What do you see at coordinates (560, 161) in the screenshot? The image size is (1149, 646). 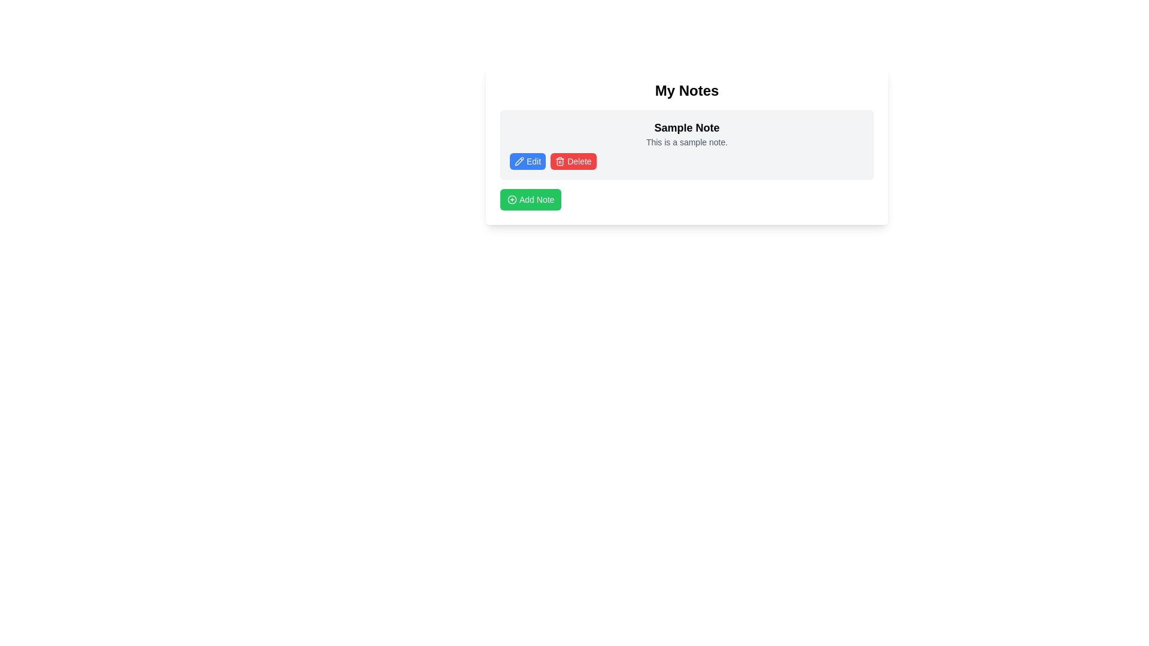 I see `the delete icon` at bounding box center [560, 161].